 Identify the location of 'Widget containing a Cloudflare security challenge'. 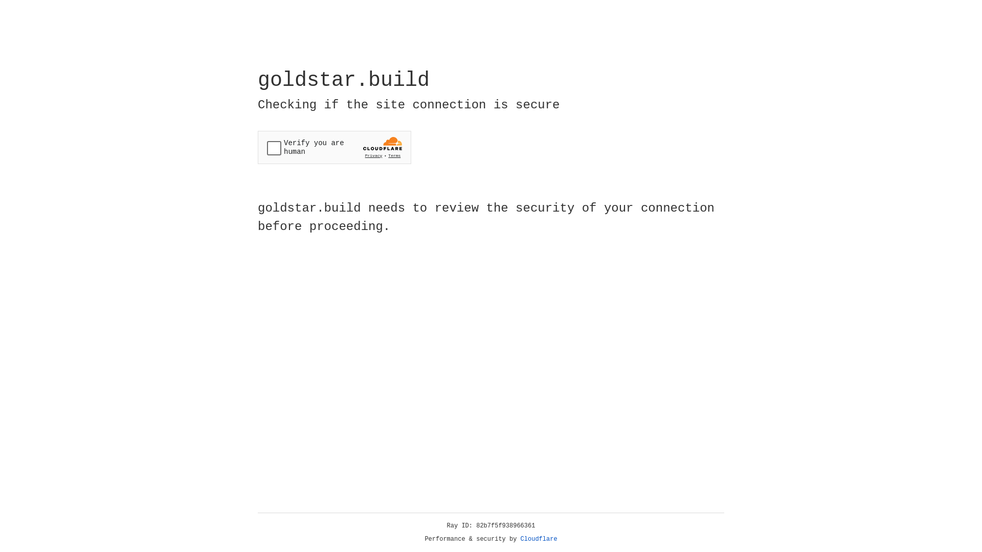
(334, 147).